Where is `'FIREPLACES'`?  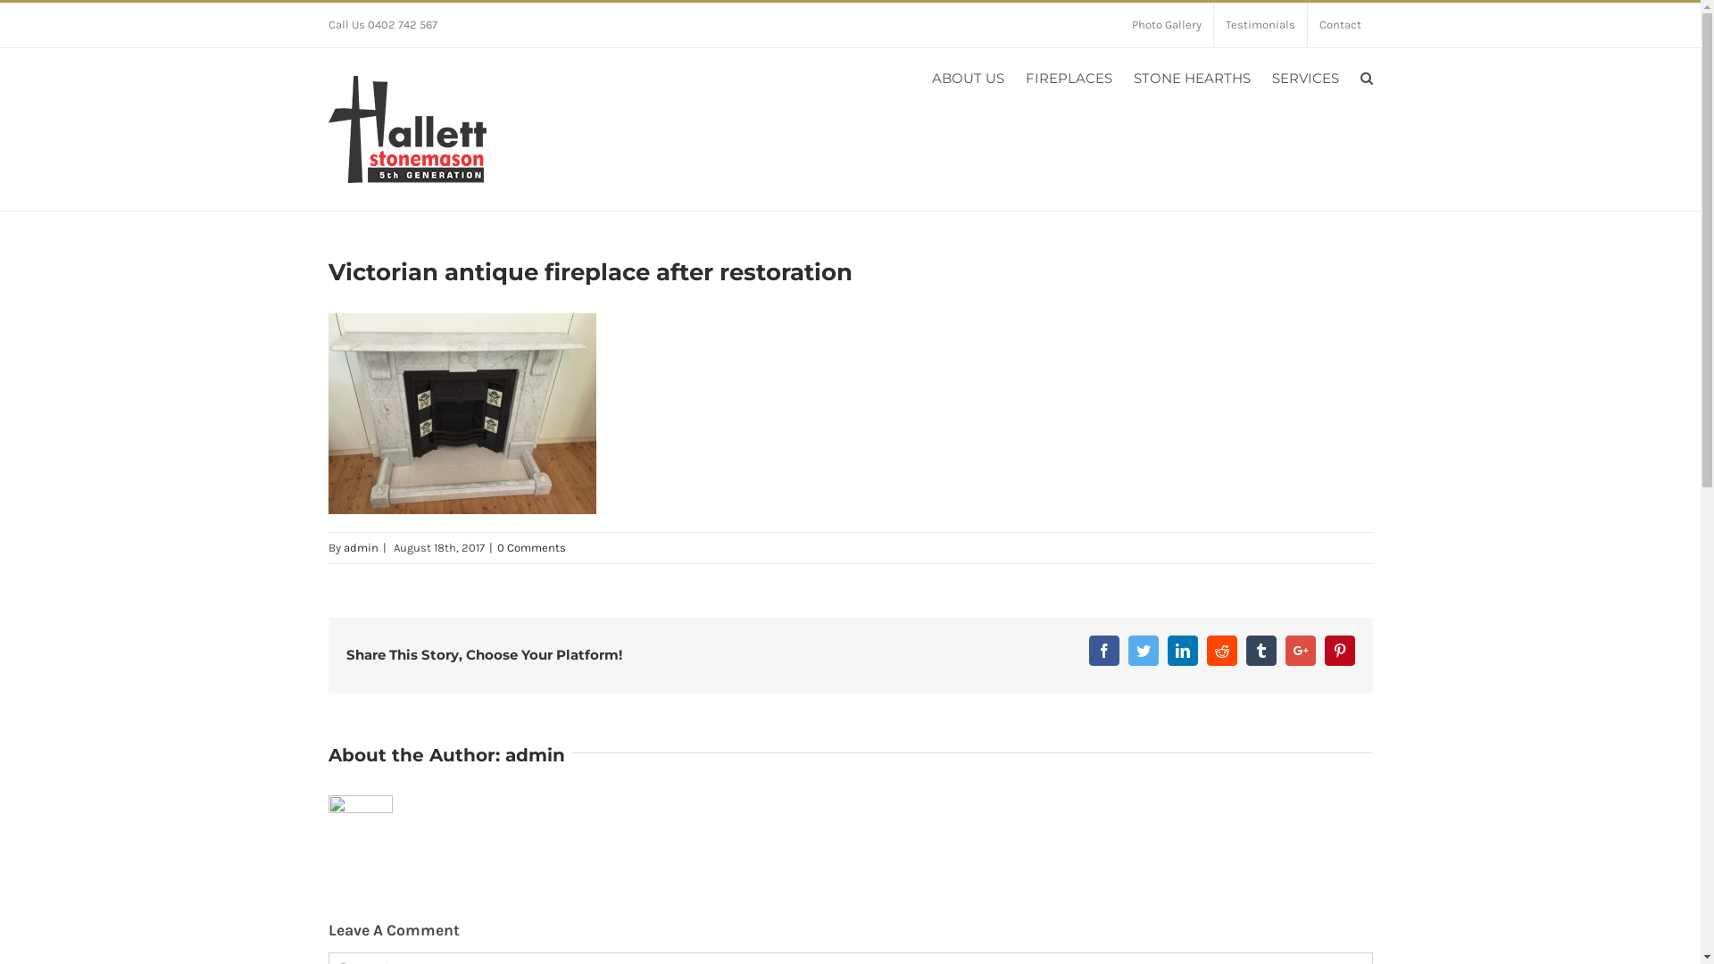 'FIREPLACES' is located at coordinates (1068, 77).